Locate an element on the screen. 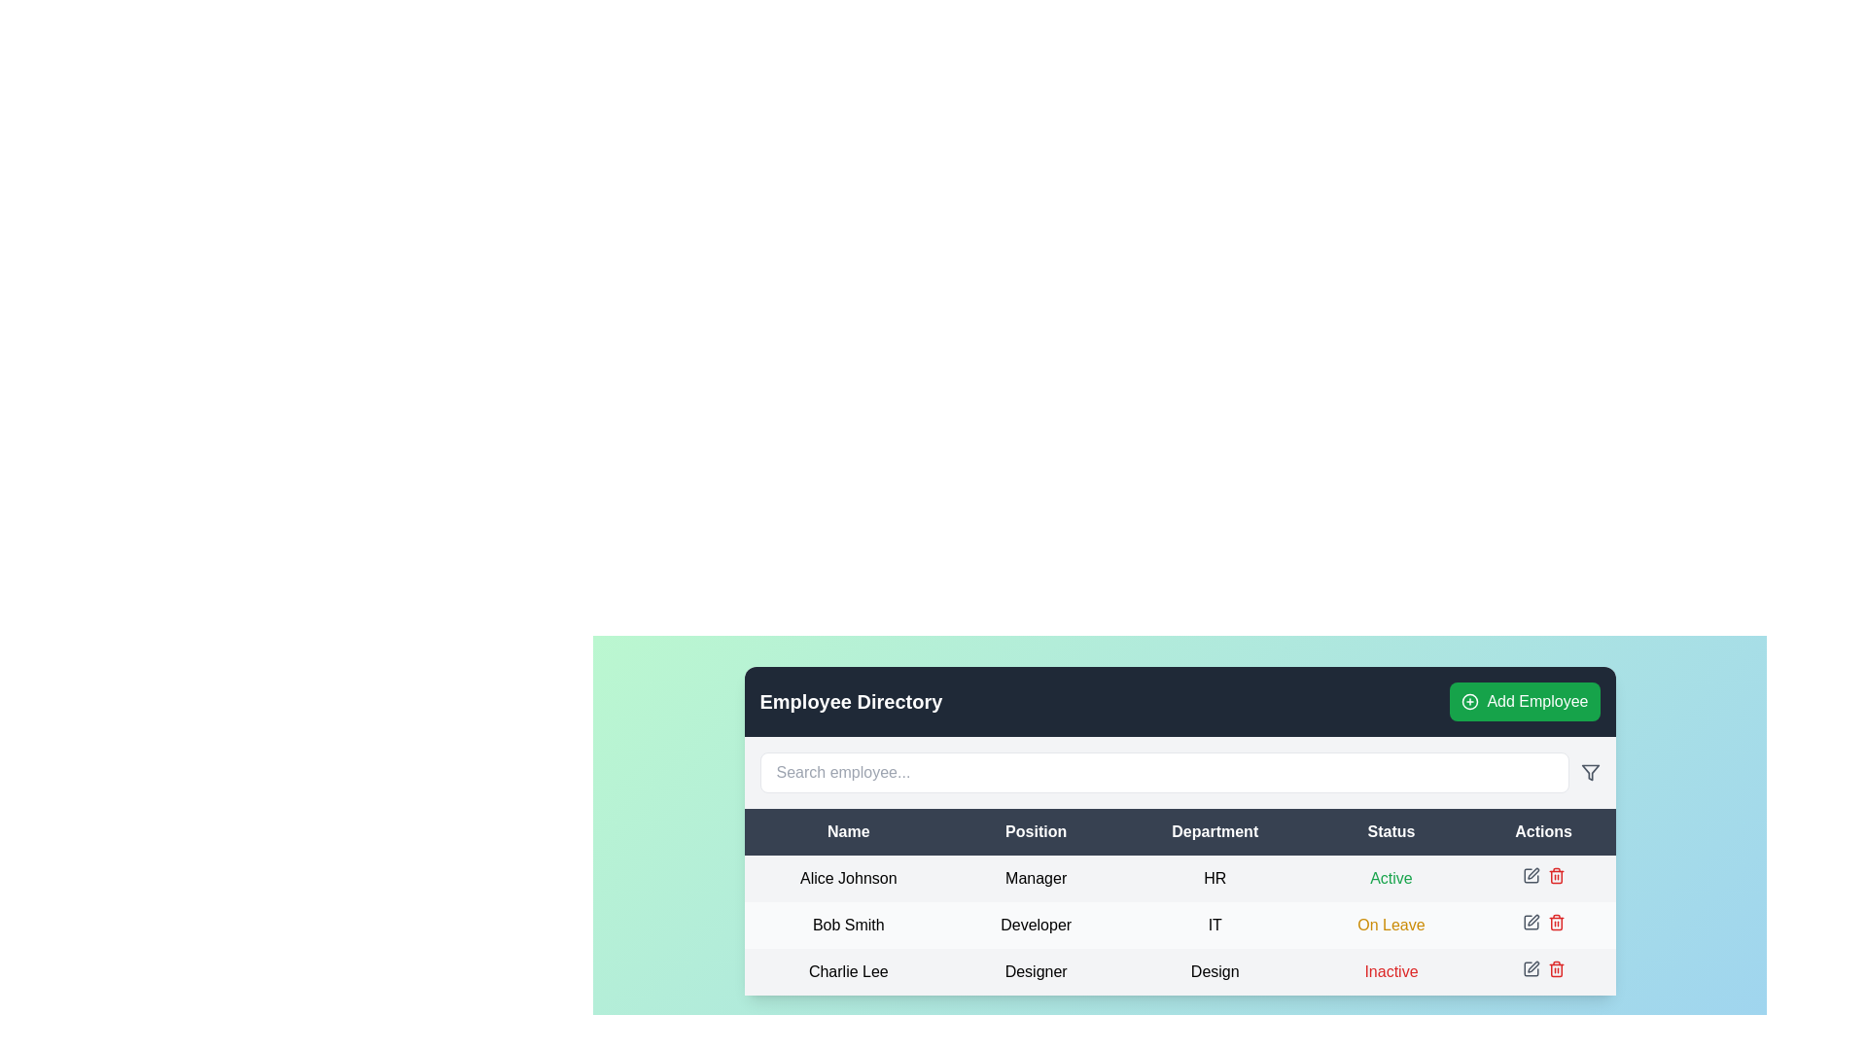  the title text indicating the employee directory section is located at coordinates (851, 701).